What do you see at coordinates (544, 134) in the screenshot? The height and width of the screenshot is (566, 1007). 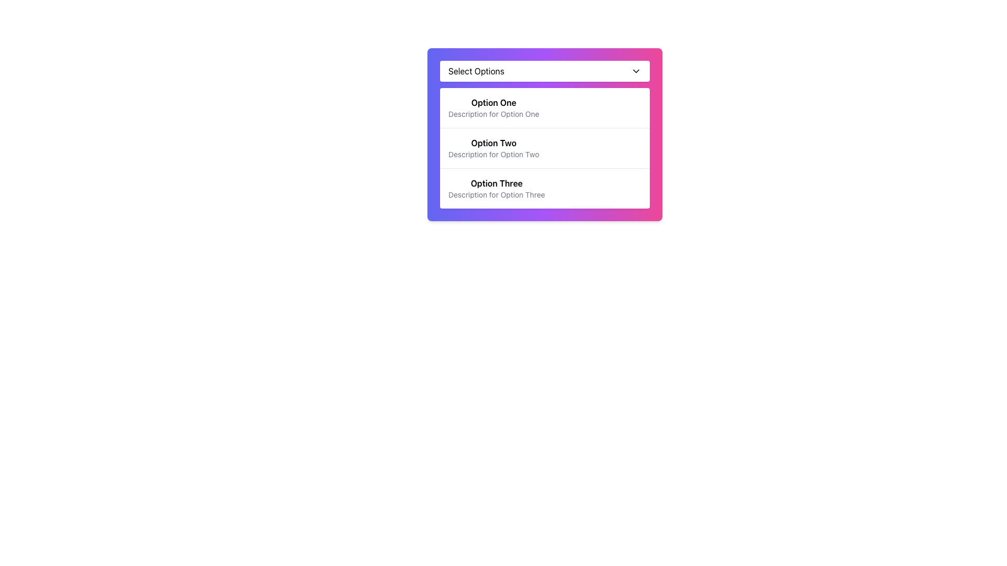 I see `'Option Two' in the dropdown menu` at bounding box center [544, 134].